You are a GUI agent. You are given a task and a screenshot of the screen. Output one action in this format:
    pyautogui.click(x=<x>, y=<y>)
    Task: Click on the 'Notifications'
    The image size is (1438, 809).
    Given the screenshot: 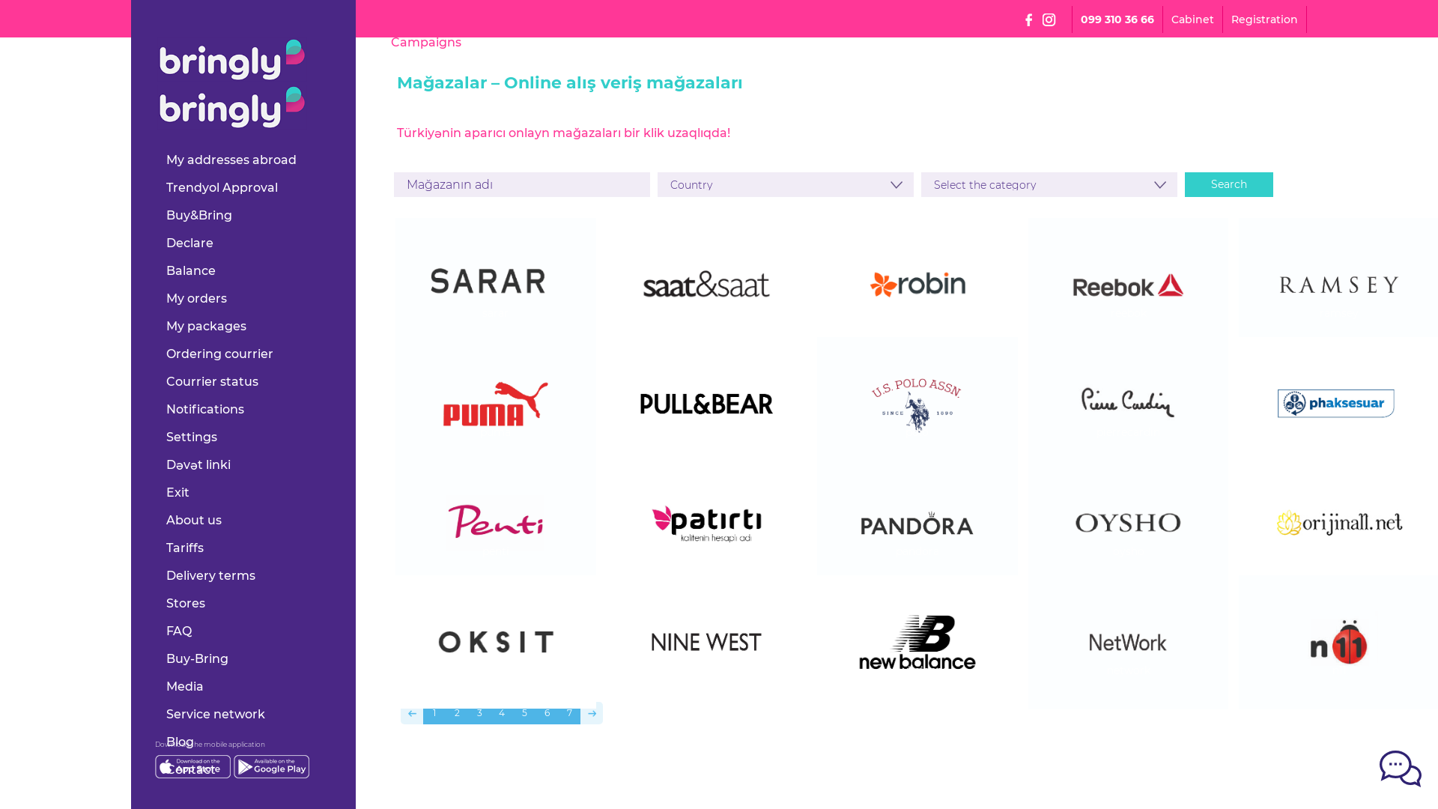 What is the action you would take?
    pyautogui.click(x=204, y=409)
    